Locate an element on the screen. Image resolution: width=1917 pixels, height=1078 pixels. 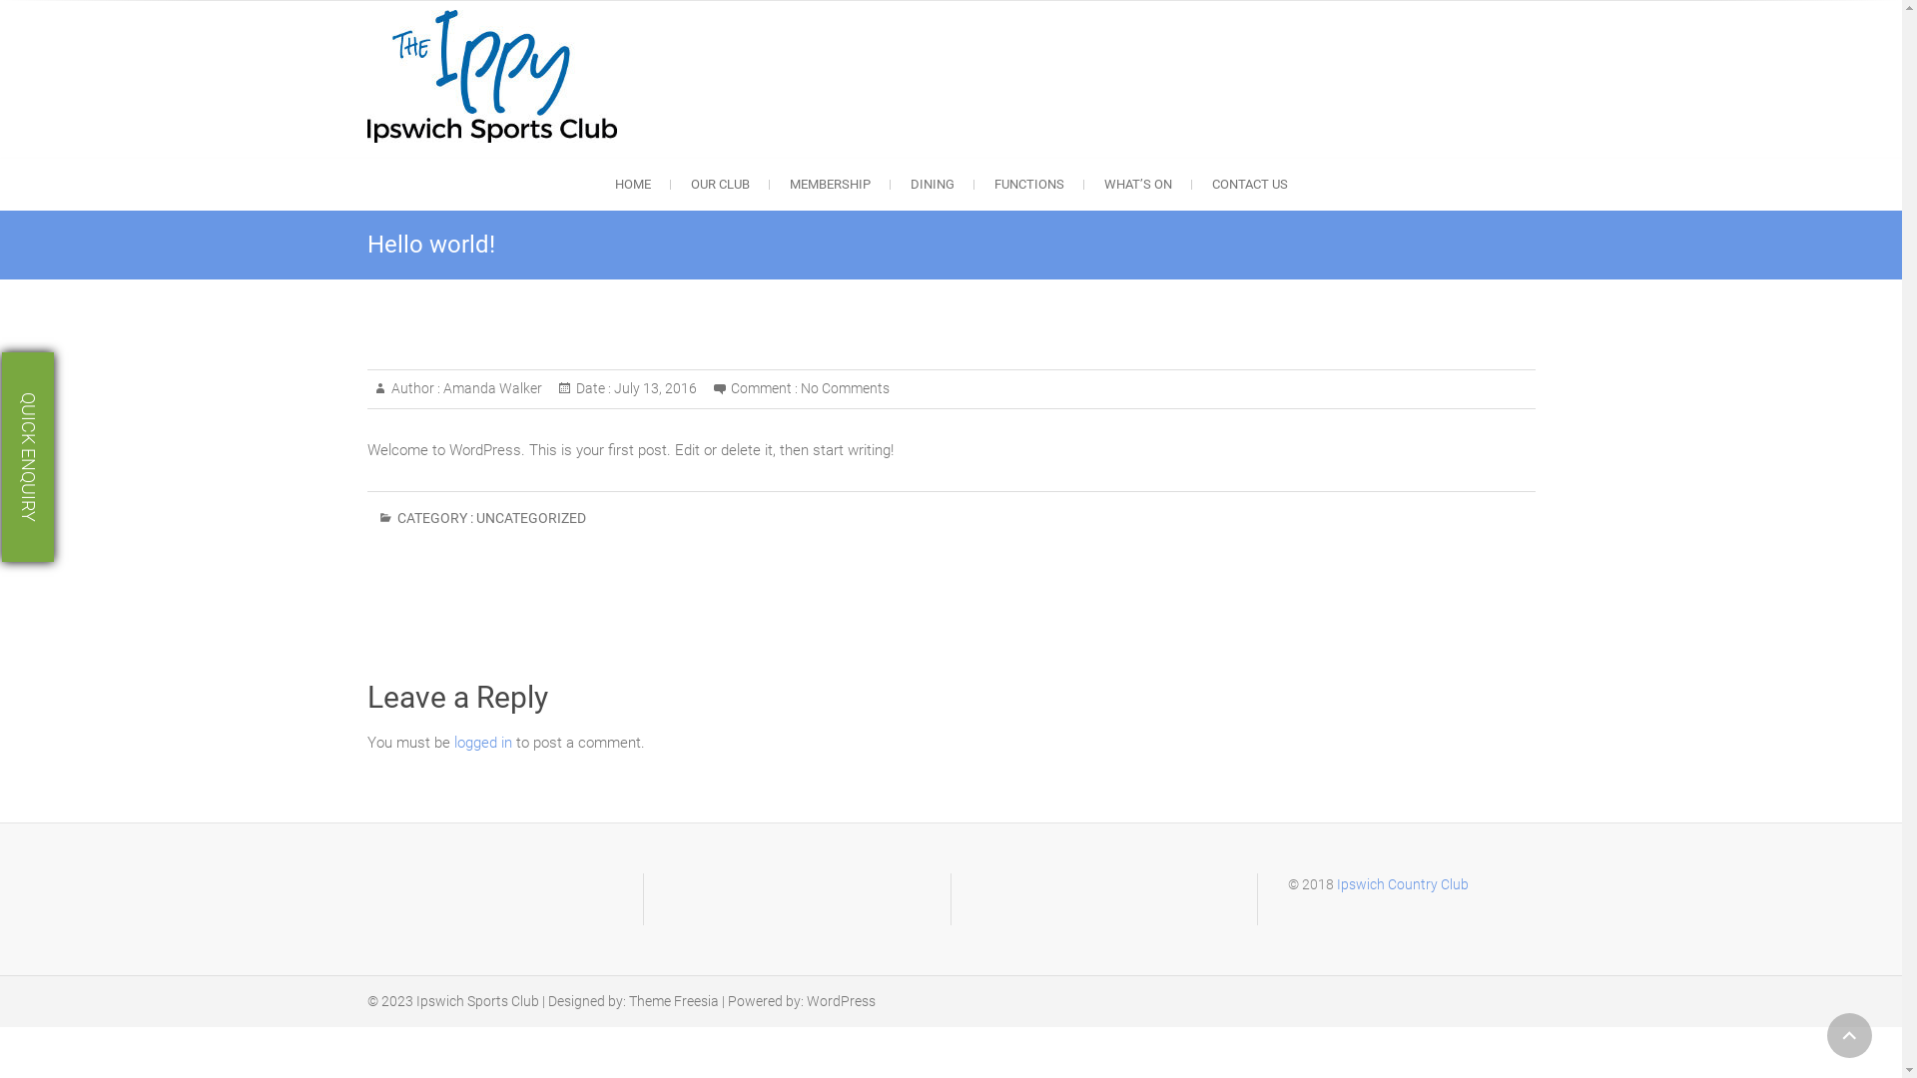
'FUNCTIONS' is located at coordinates (1029, 185).